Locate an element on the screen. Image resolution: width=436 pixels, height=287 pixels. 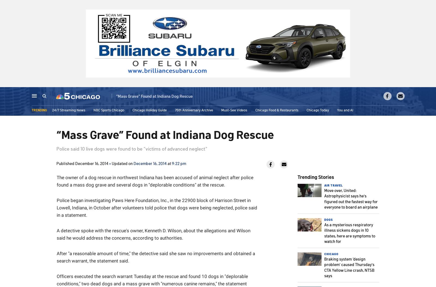
'Video' is located at coordinates (159, 96).